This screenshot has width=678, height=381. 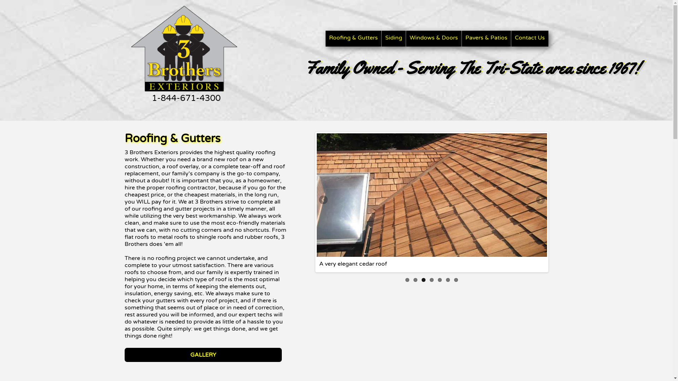 I want to click on 'Contact Us', so click(x=530, y=38).